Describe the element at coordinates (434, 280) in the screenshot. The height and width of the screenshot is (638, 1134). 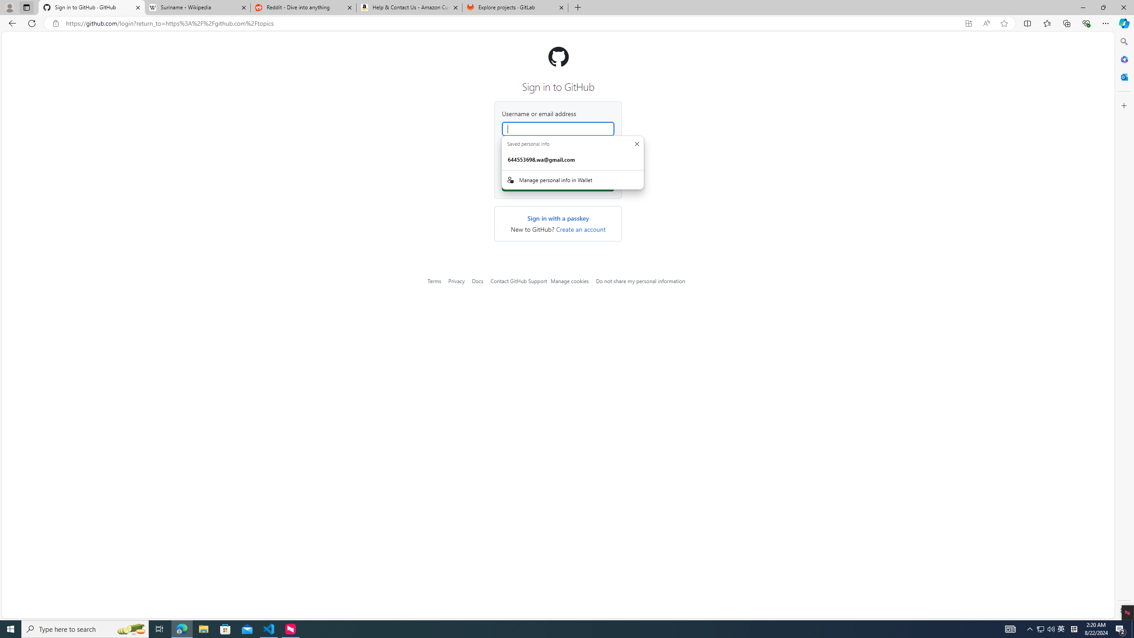
I see `'Terms'` at that location.